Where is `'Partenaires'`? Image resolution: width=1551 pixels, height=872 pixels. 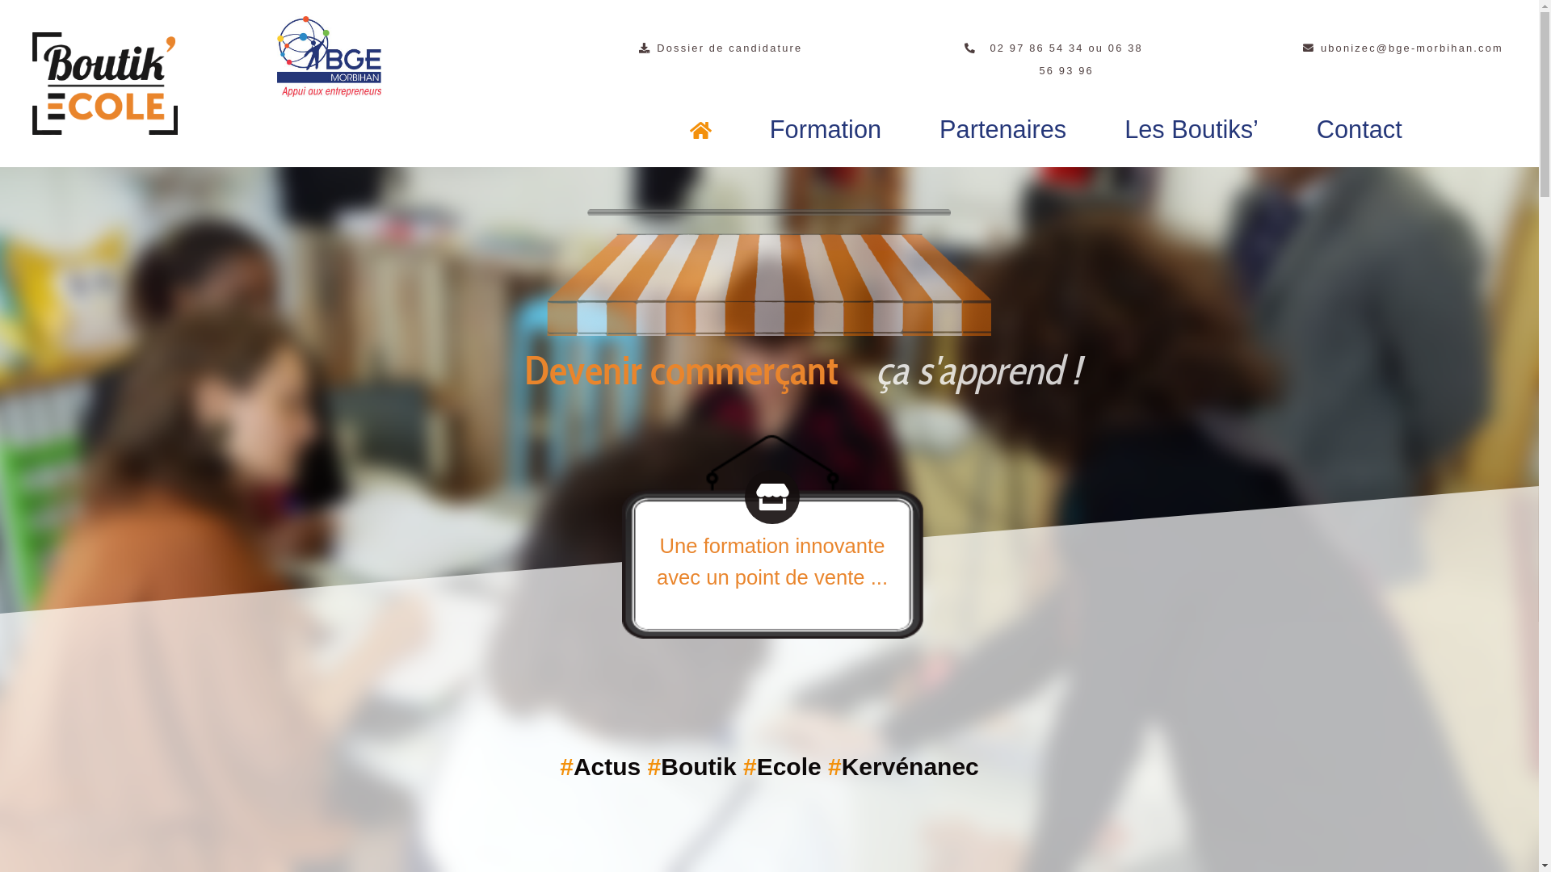
'Partenaires' is located at coordinates (1002, 129).